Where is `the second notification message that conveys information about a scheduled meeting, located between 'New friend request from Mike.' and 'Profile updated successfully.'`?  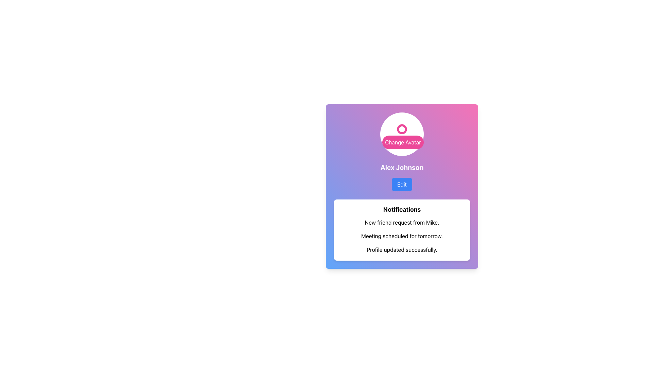 the second notification message that conveys information about a scheduled meeting, located between 'New friend request from Mike.' and 'Profile updated successfully.' is located at coordinates (402, 235).